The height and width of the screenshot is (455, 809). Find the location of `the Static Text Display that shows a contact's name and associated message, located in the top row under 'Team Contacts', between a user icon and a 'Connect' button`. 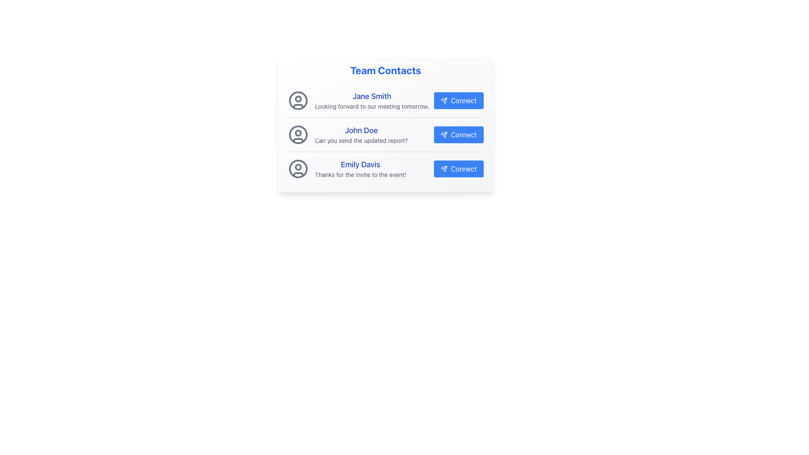

the Static Text Display that shows a contact's name and associated message, located in the top row under 'Team Contacts', between a user icon and a 'Connect' button is located at coordinates (371, 100).